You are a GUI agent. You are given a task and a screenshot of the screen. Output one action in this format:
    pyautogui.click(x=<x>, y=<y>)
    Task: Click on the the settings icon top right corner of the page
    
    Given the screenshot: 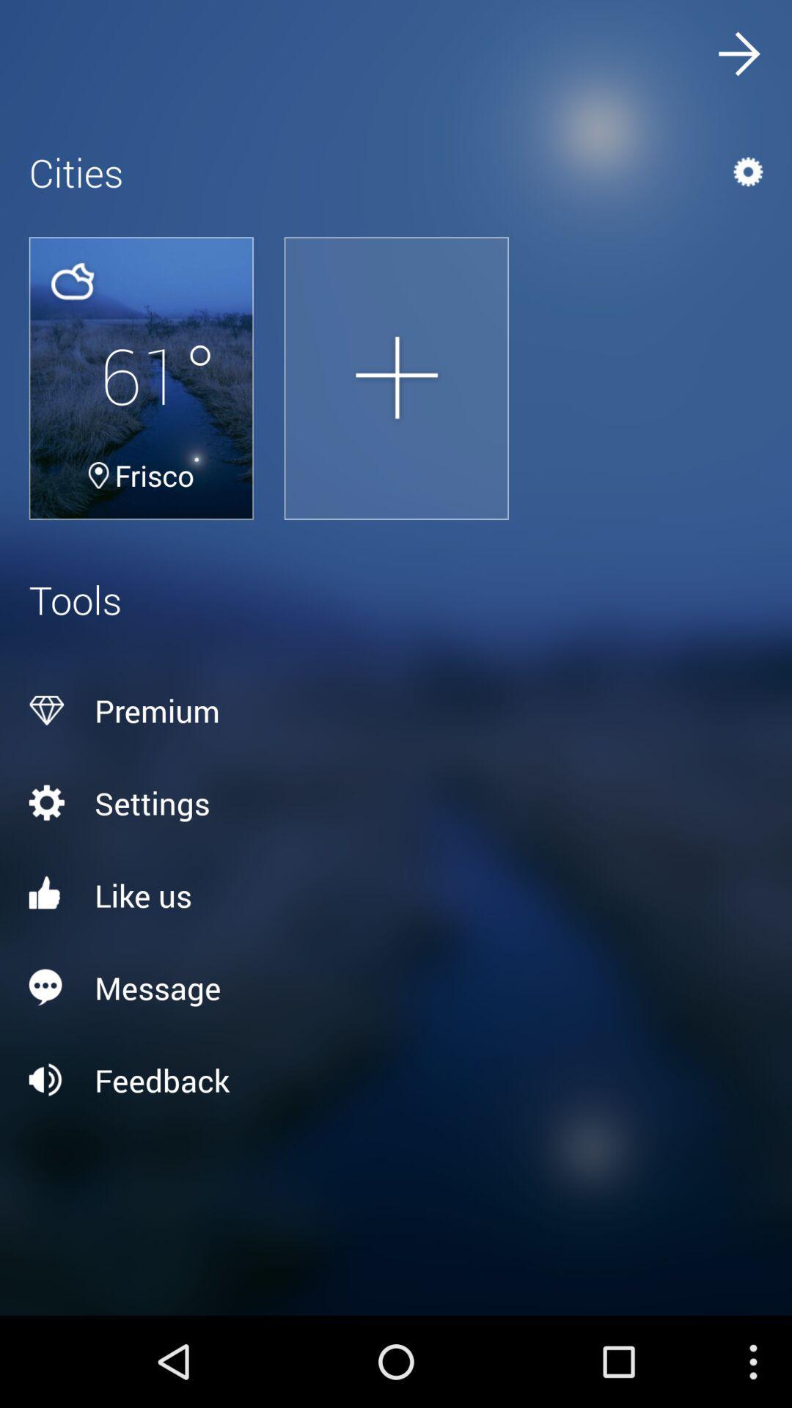 What is the action you would take?
    pyautogui.click(x=711, y=172)
    